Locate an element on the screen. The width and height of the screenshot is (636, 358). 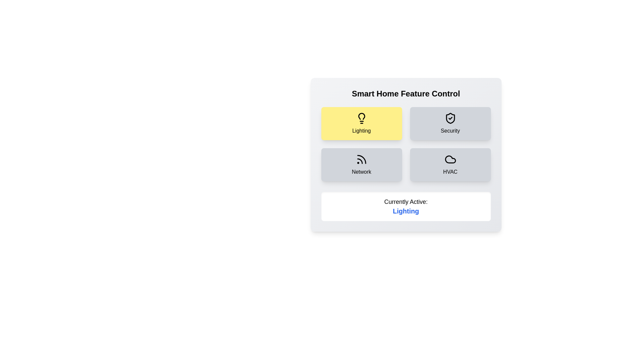
the button corresponding to the feature Network is located at coordinates (361, 164).